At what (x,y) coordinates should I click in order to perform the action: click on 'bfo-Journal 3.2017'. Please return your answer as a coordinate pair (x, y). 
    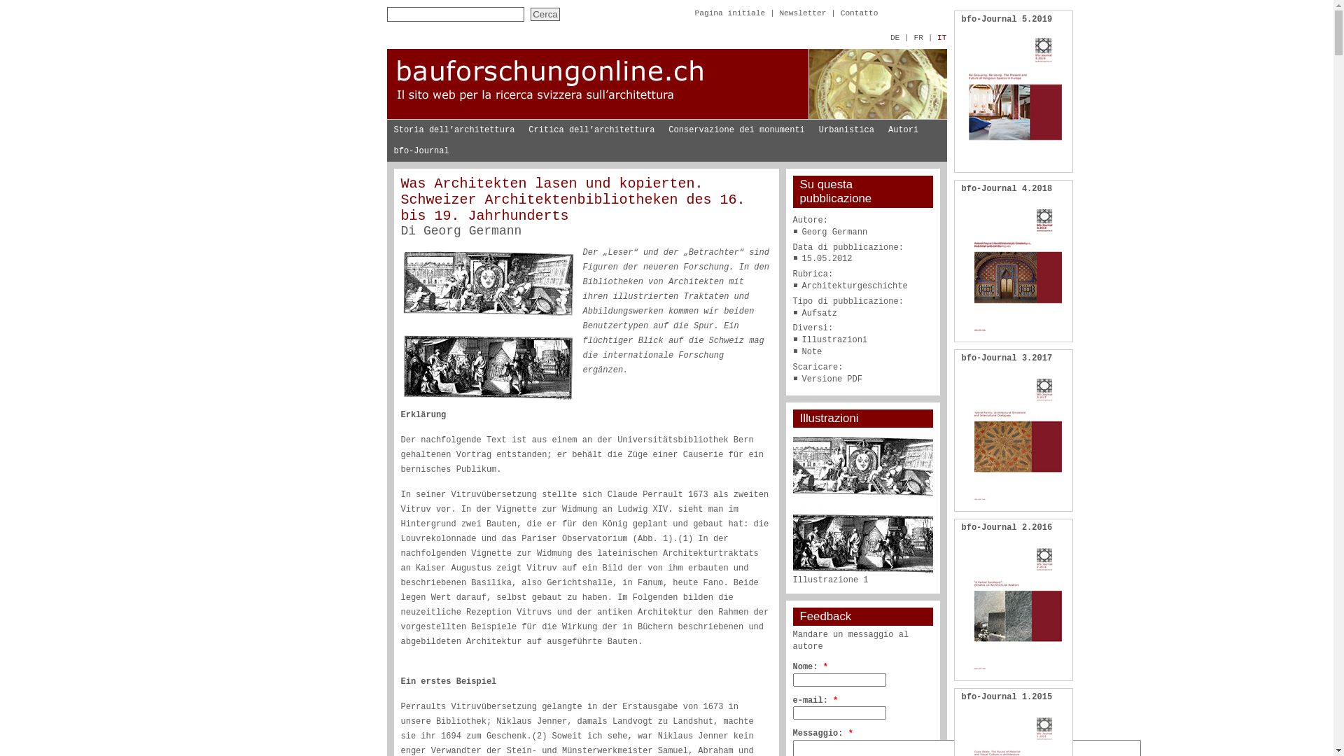
    Looking at the image, I should click on (1007, 358).